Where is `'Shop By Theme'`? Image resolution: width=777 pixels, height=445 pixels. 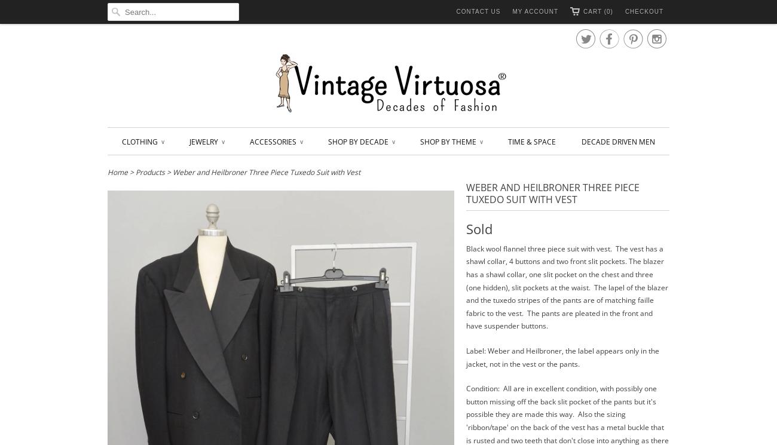 'Shop By Theme' is located at coordinates (420, 141).